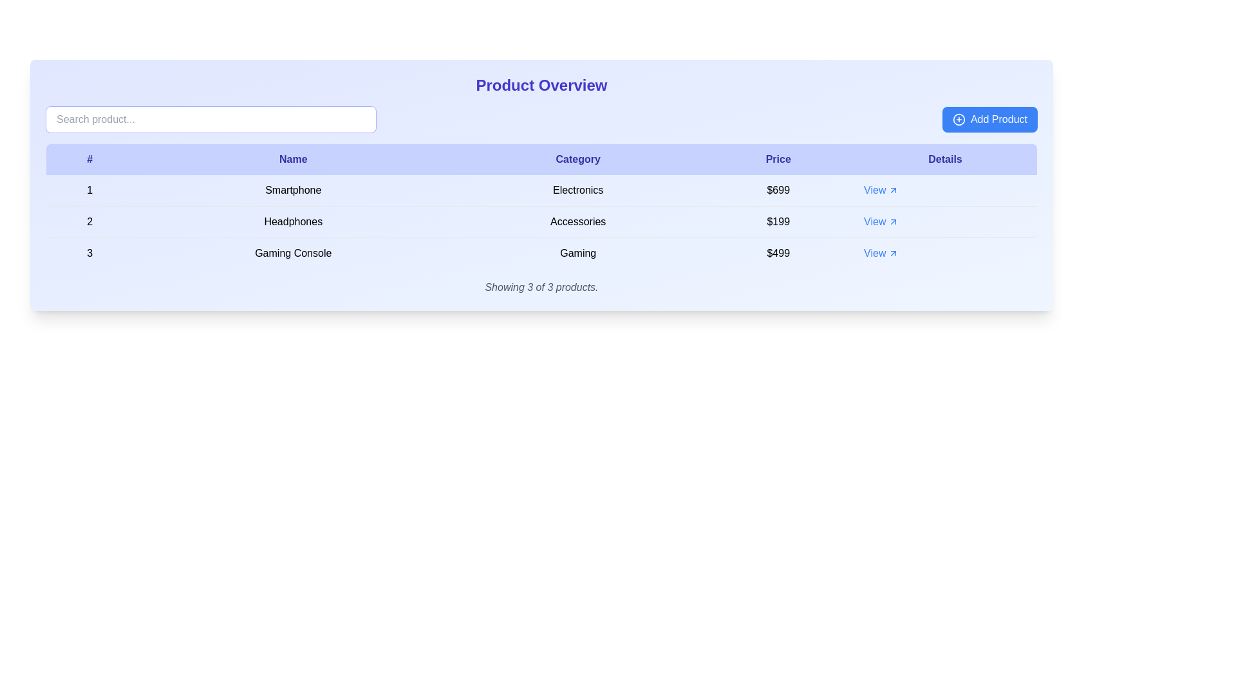 The image size is (1236, 695). What do you see at coordinates (577, 190) in the screenshot?
I see `the 'Electronics' text label located in the third column of the first row of the table, which is styled with padding and centered alignment` at bounding box center [577, 190].